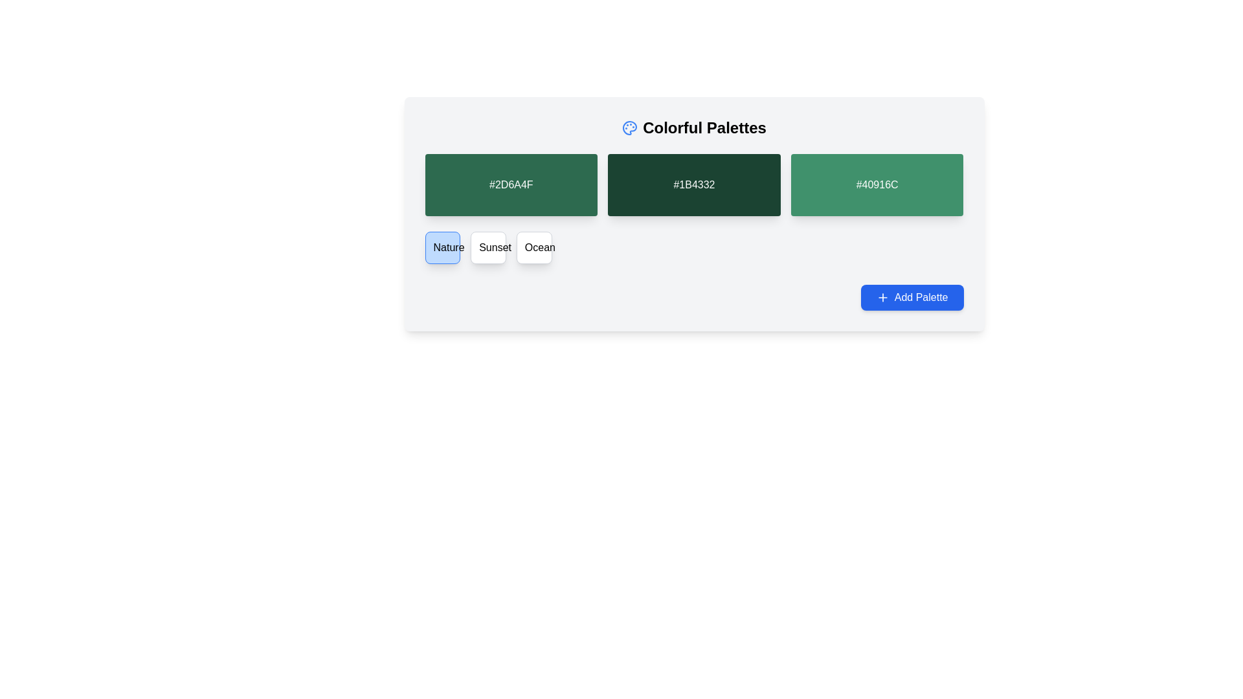 Image resolution: width=1243 pixels, height=699 pixels. What do you see at coordinates (534, 247) in the screenshot?
I see `the 'Ocean' button, which is the third button in a row, to observe interactive effects like scaling` at bounding box center [534, 247].